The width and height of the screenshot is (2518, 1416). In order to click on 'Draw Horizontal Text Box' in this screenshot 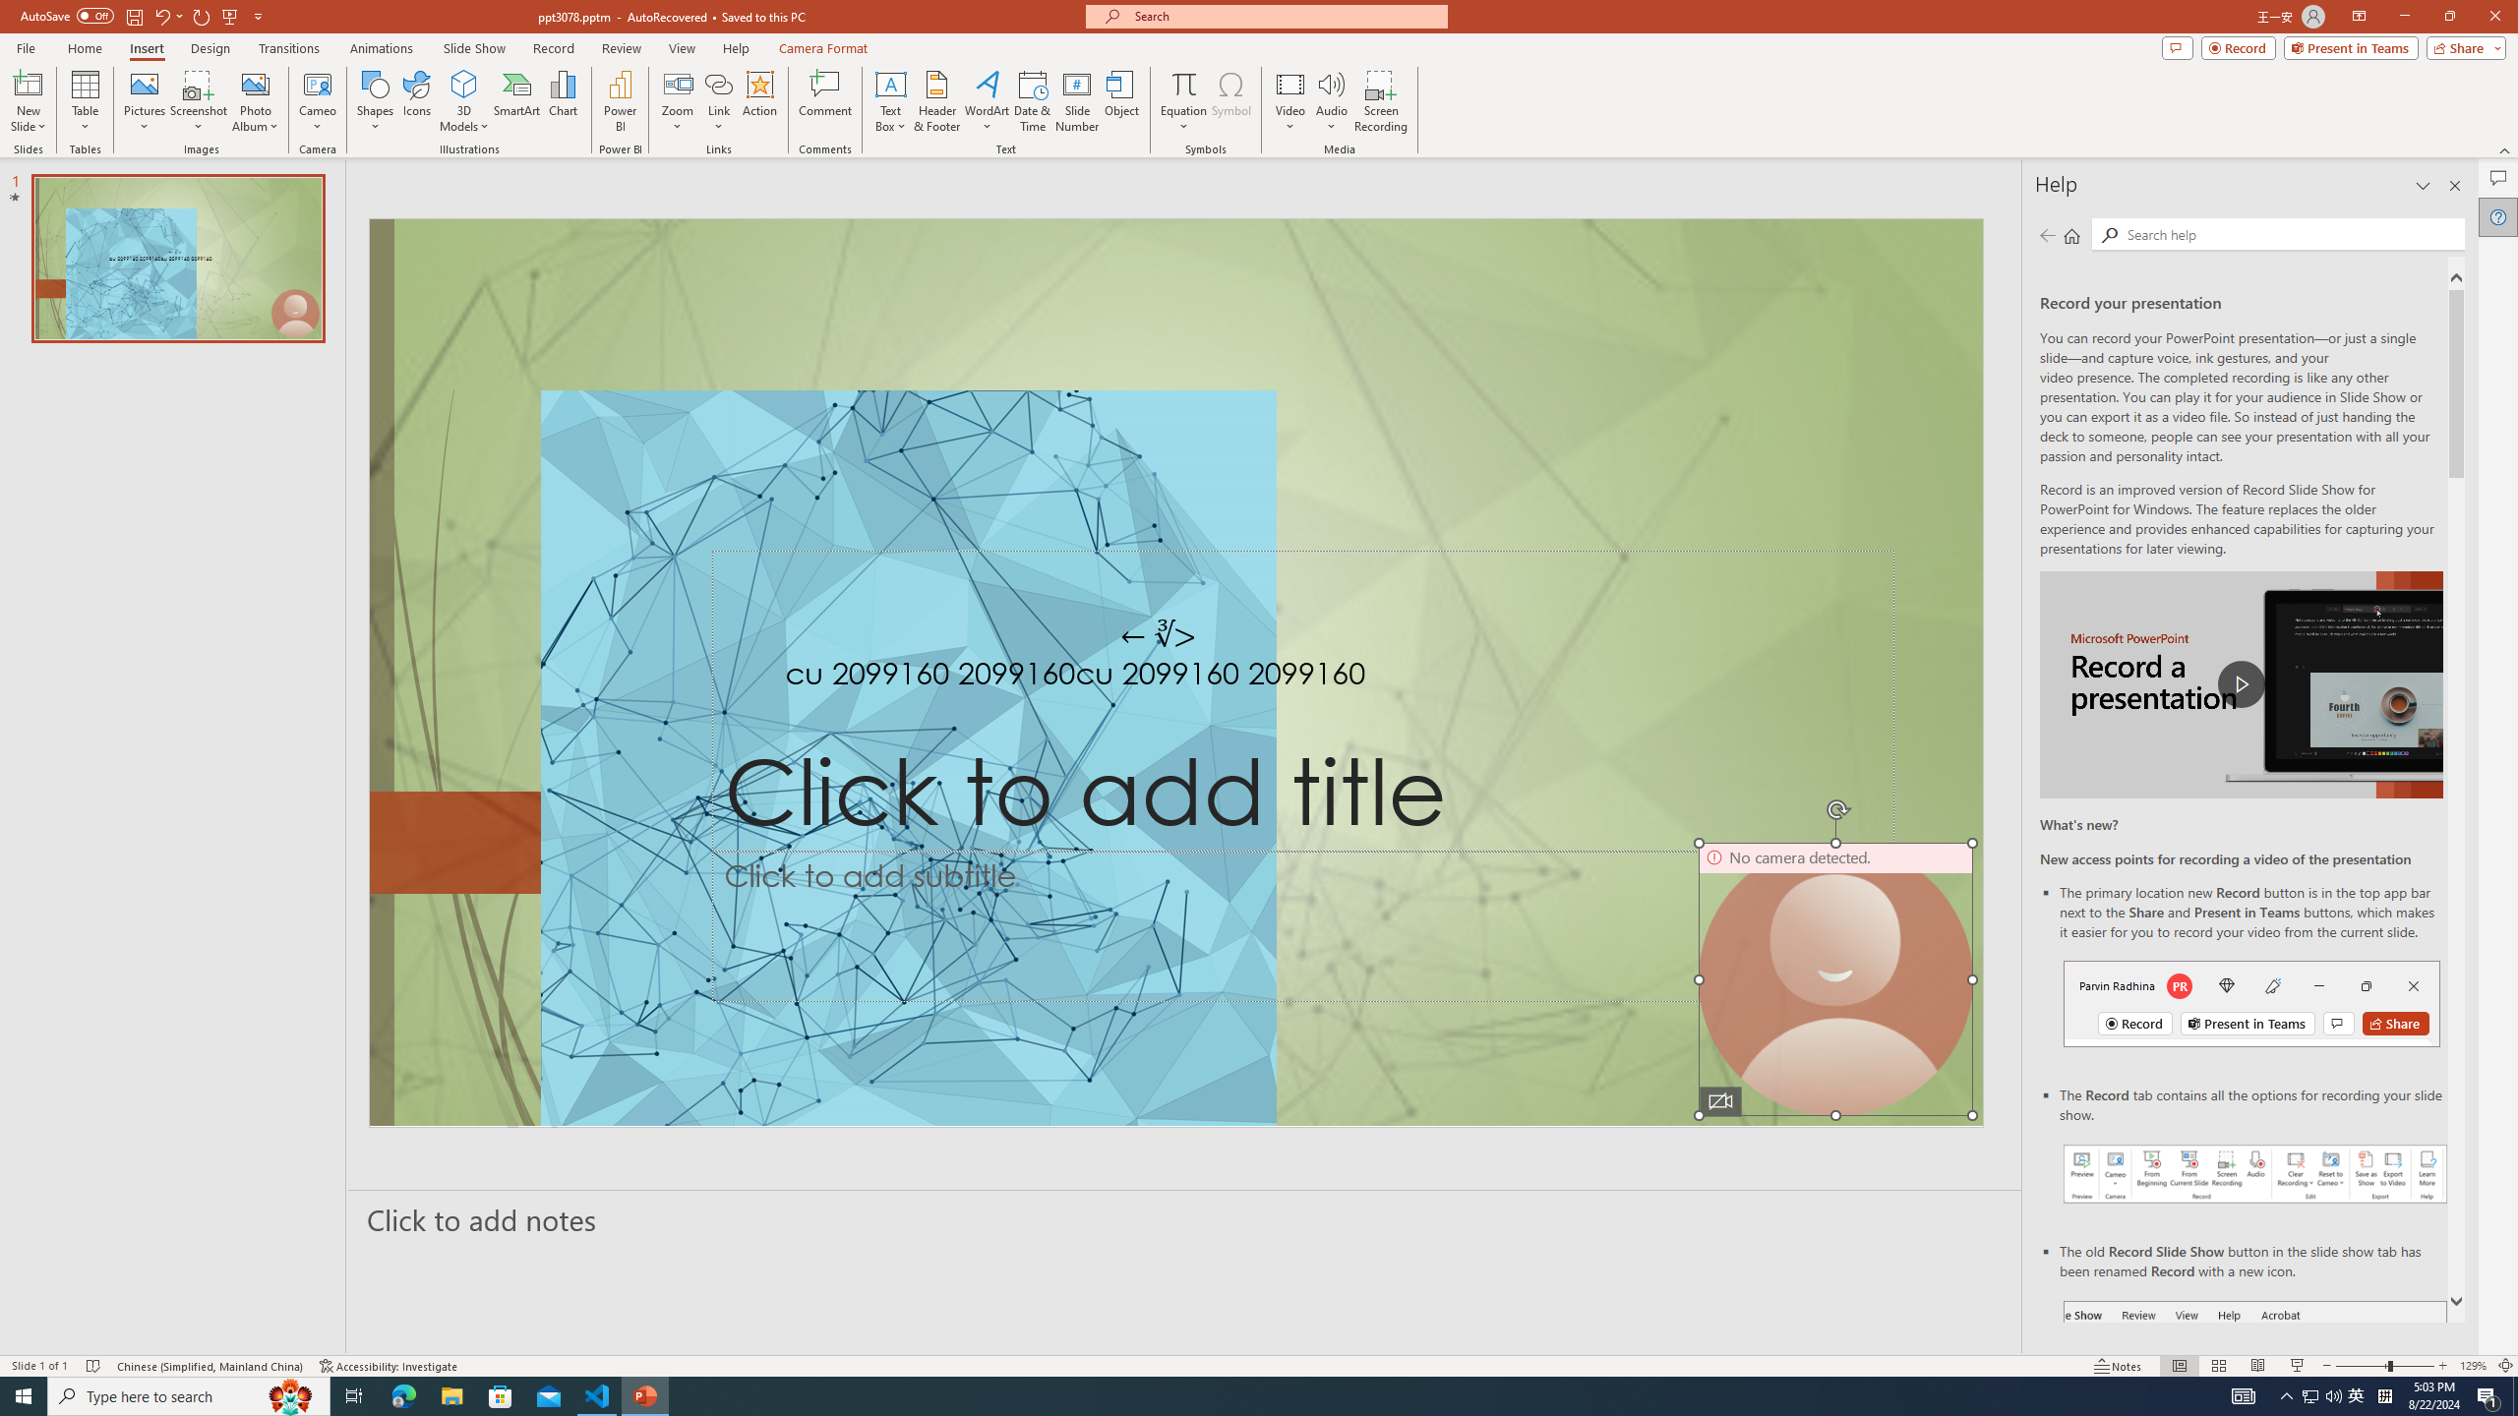, I will do `click(890, 83)`.